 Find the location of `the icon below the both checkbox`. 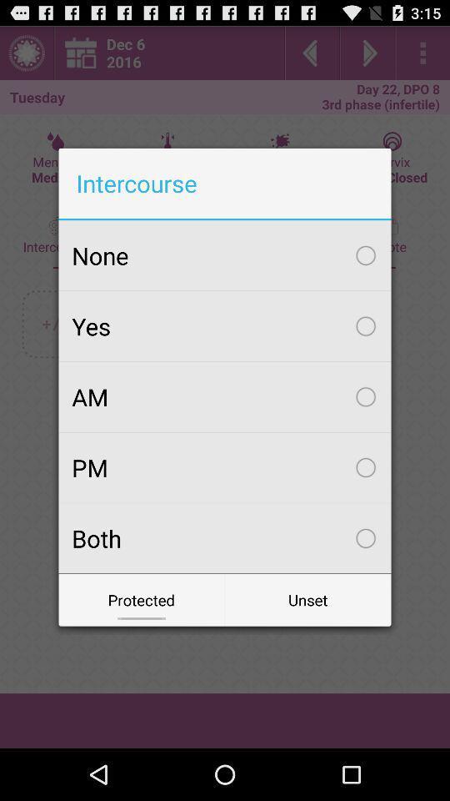

the icon below the both checkbox is located at coordinates (307, 600).